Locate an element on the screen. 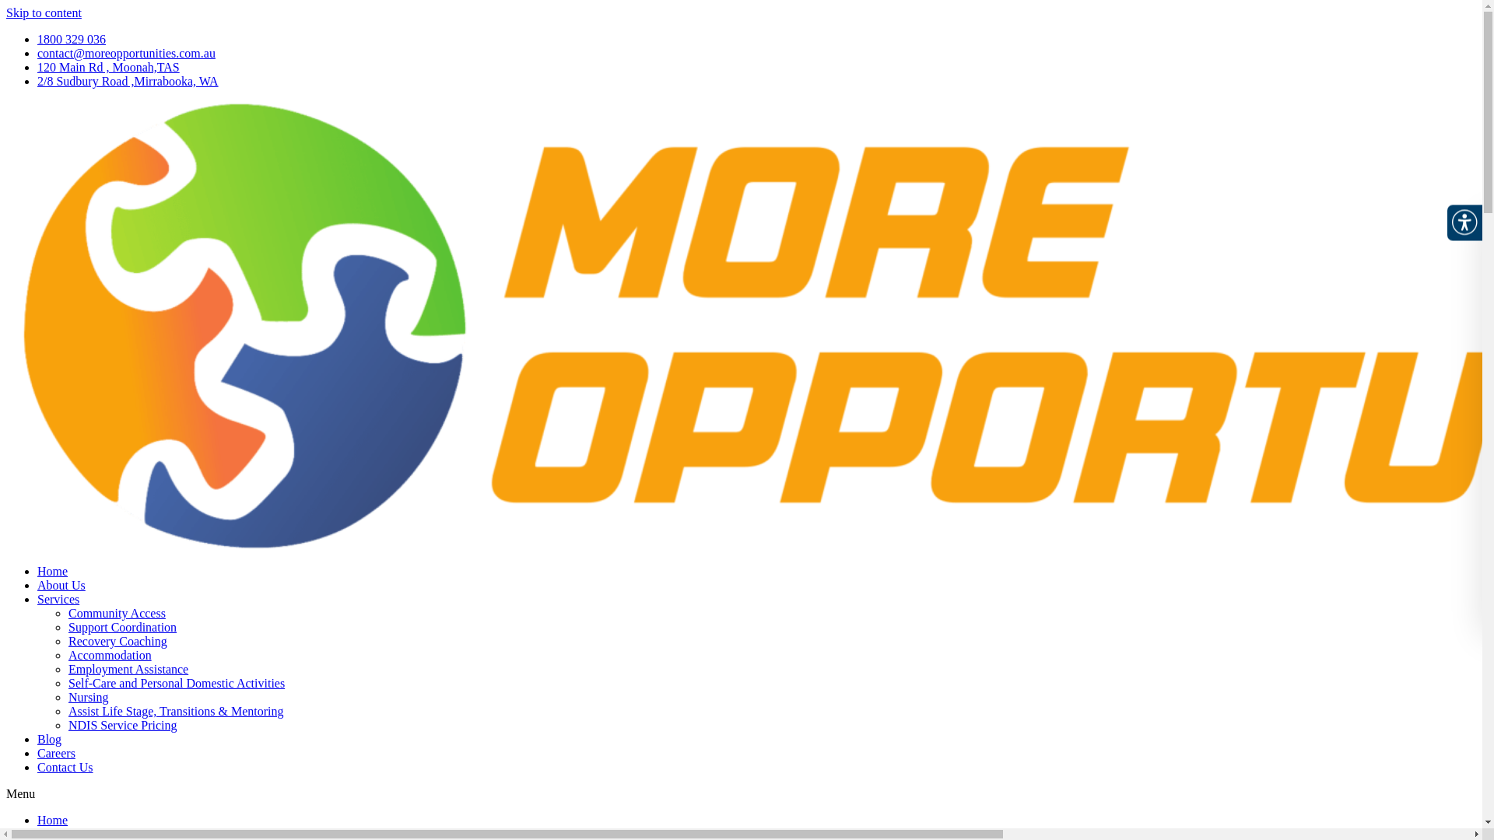 This screenshot has height=840, width=1494. 'contact@moreopportunities.com.au' is located at coordinates (126, 52).